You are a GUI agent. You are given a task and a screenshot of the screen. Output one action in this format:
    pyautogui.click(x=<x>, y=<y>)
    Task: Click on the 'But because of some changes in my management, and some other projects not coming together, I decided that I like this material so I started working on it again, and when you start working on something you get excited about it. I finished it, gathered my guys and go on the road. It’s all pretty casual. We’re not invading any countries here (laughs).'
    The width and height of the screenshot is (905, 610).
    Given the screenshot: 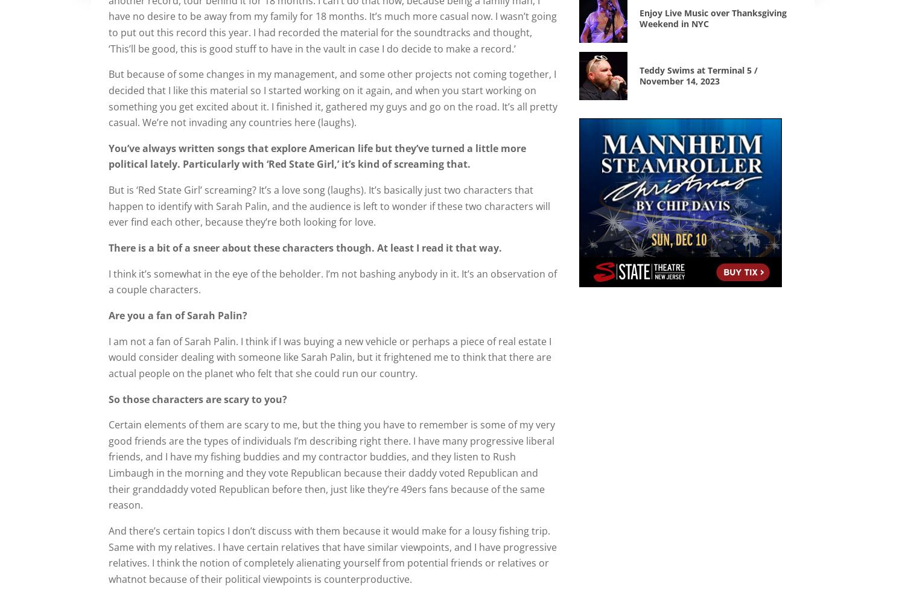 What is the action you would take?
    pyautogui.click(x=109, y=97)
    